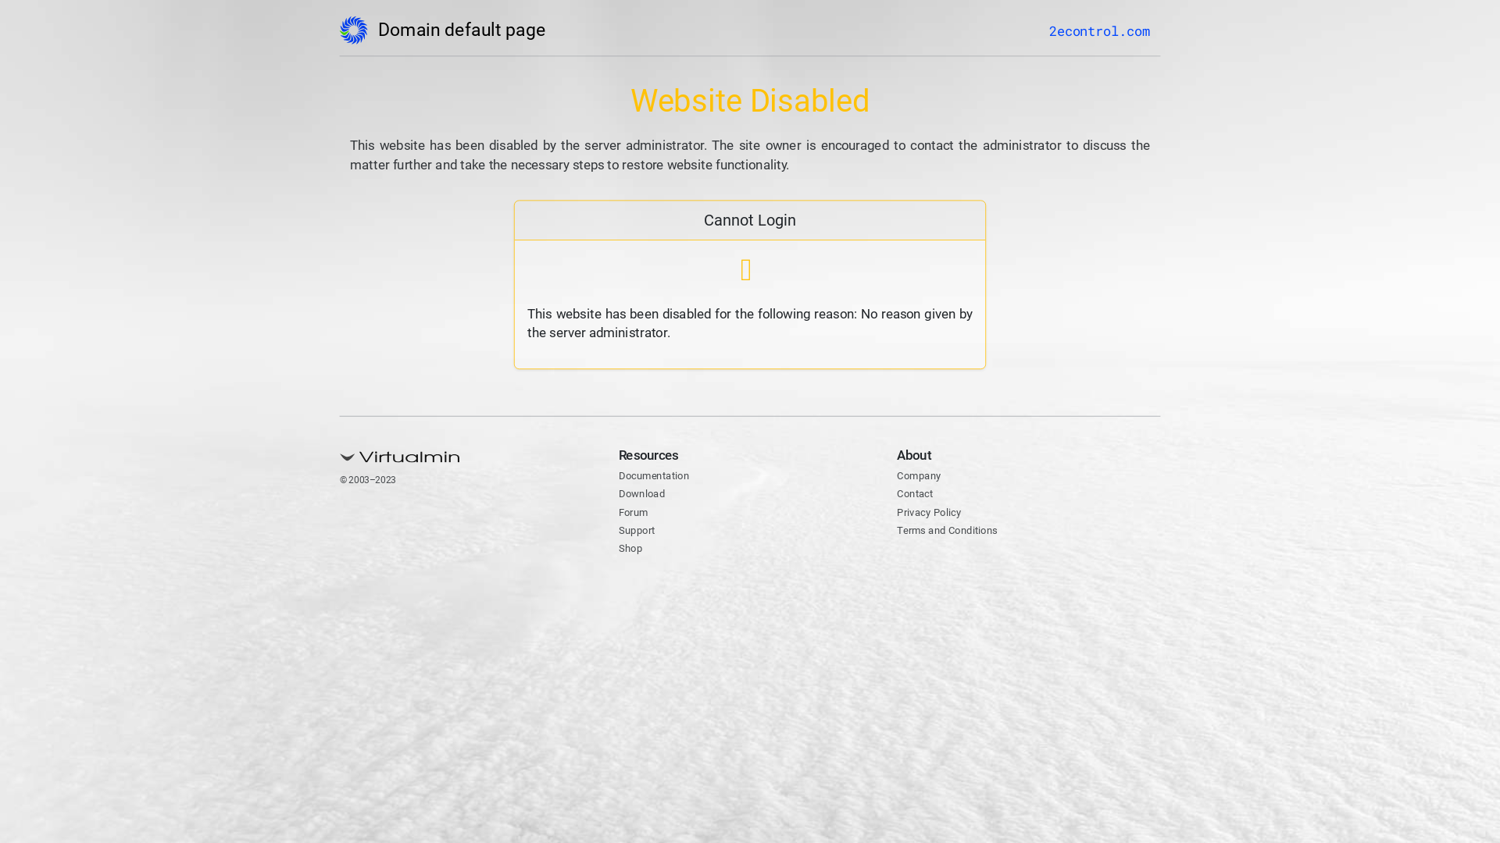  What do you see at coordinates (896, 476) in the screenshot?
I see `'Company'` at bounding box center [896, 476].